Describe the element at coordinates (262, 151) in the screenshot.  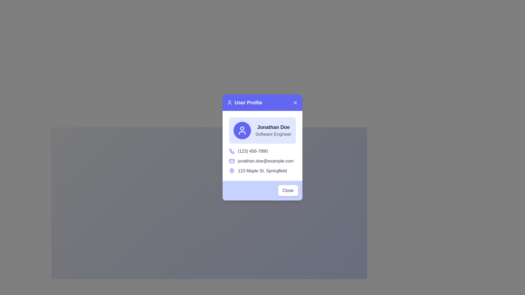
I see `phone number displayed in the text label located in the user profile card, which is the first row of contact details below the user's name and title` at that location.